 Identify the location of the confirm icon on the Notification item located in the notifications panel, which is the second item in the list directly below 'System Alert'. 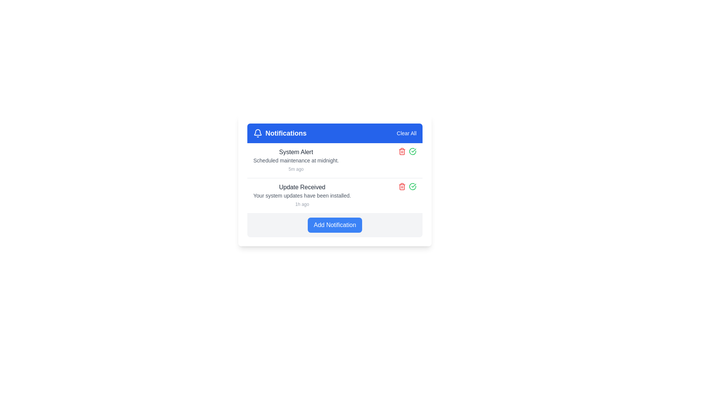
(335, 195).